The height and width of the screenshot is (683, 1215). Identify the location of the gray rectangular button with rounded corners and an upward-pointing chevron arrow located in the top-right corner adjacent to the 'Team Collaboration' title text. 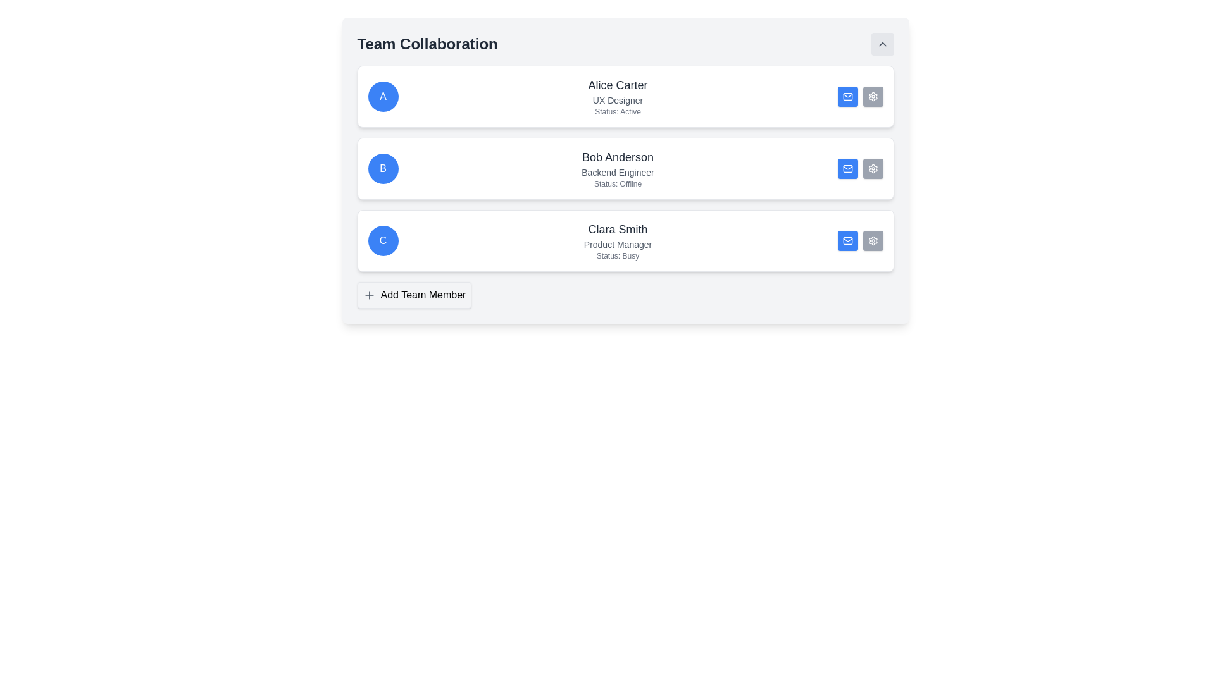
(882, 43).